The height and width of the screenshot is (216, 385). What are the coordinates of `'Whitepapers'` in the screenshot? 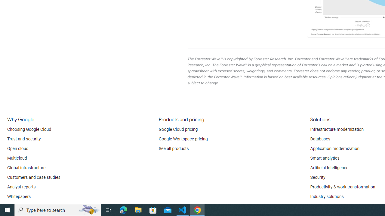 It's located at (19, 196).